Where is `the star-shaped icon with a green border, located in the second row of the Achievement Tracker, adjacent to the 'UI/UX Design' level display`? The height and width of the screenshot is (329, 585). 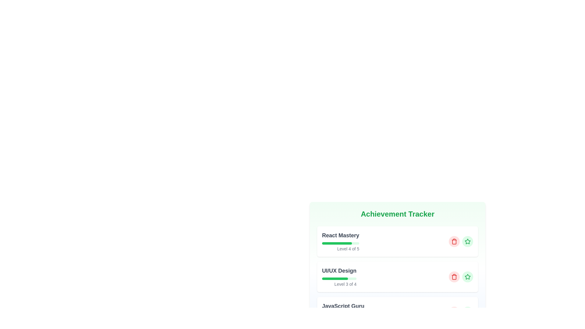 the star-shaped icon with a green border, located in the second row of the Achievement Tracker, adjacent to the 'UI/UX Design' level display is located at coordinates (467, 241).